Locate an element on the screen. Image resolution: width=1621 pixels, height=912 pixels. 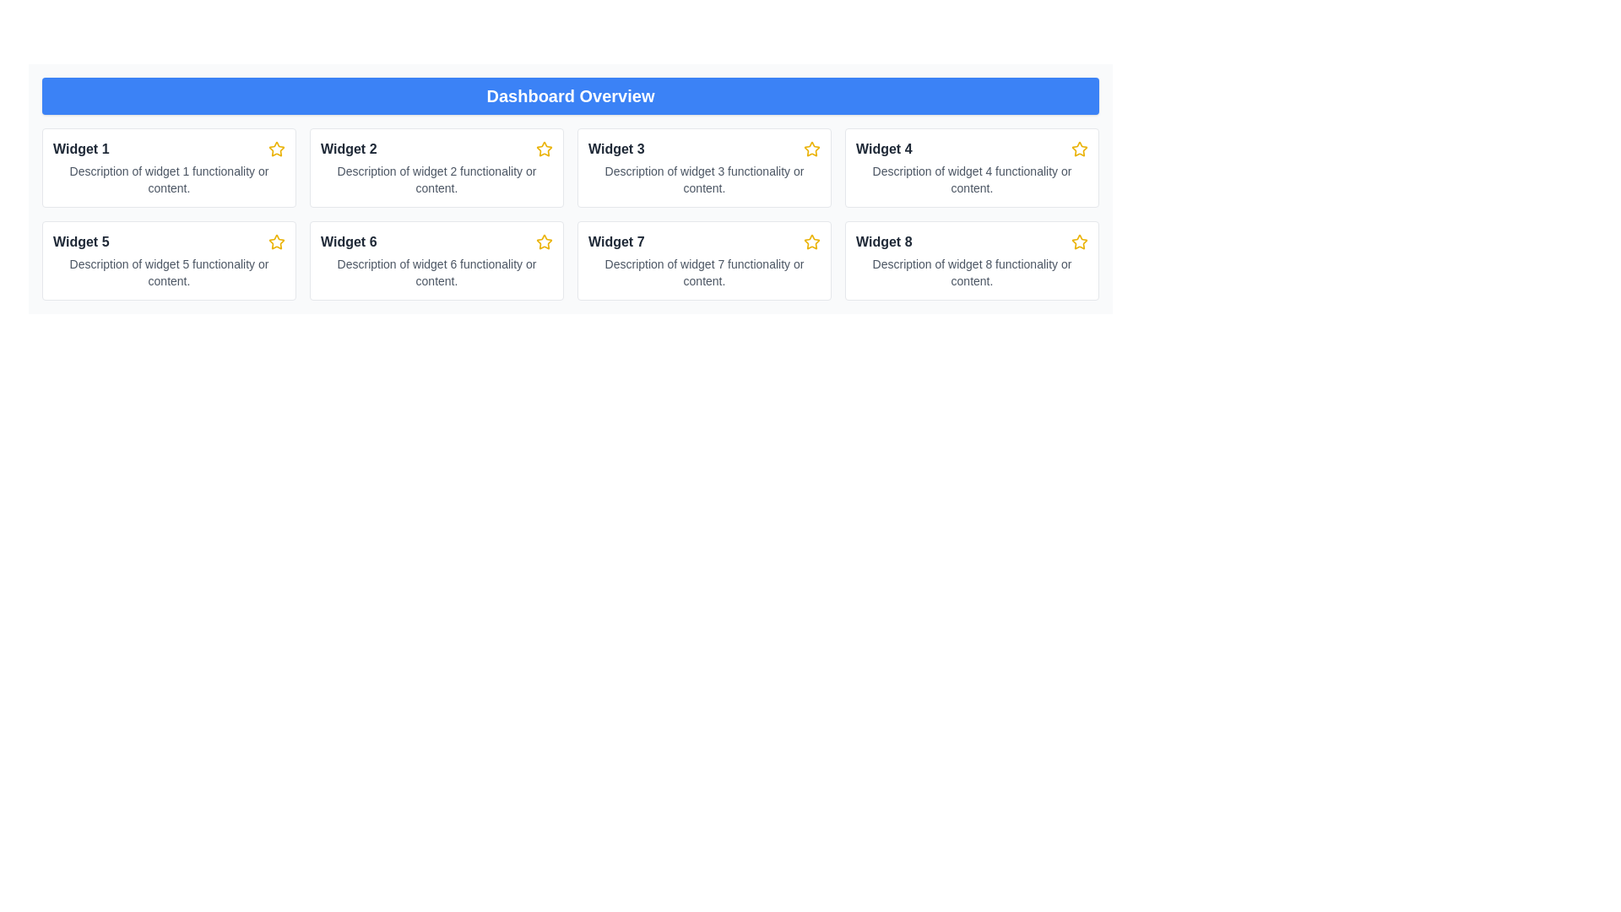
the favoriting graphic icon located on the first row, second column of the grid layout is located at coordinates (544, 148).